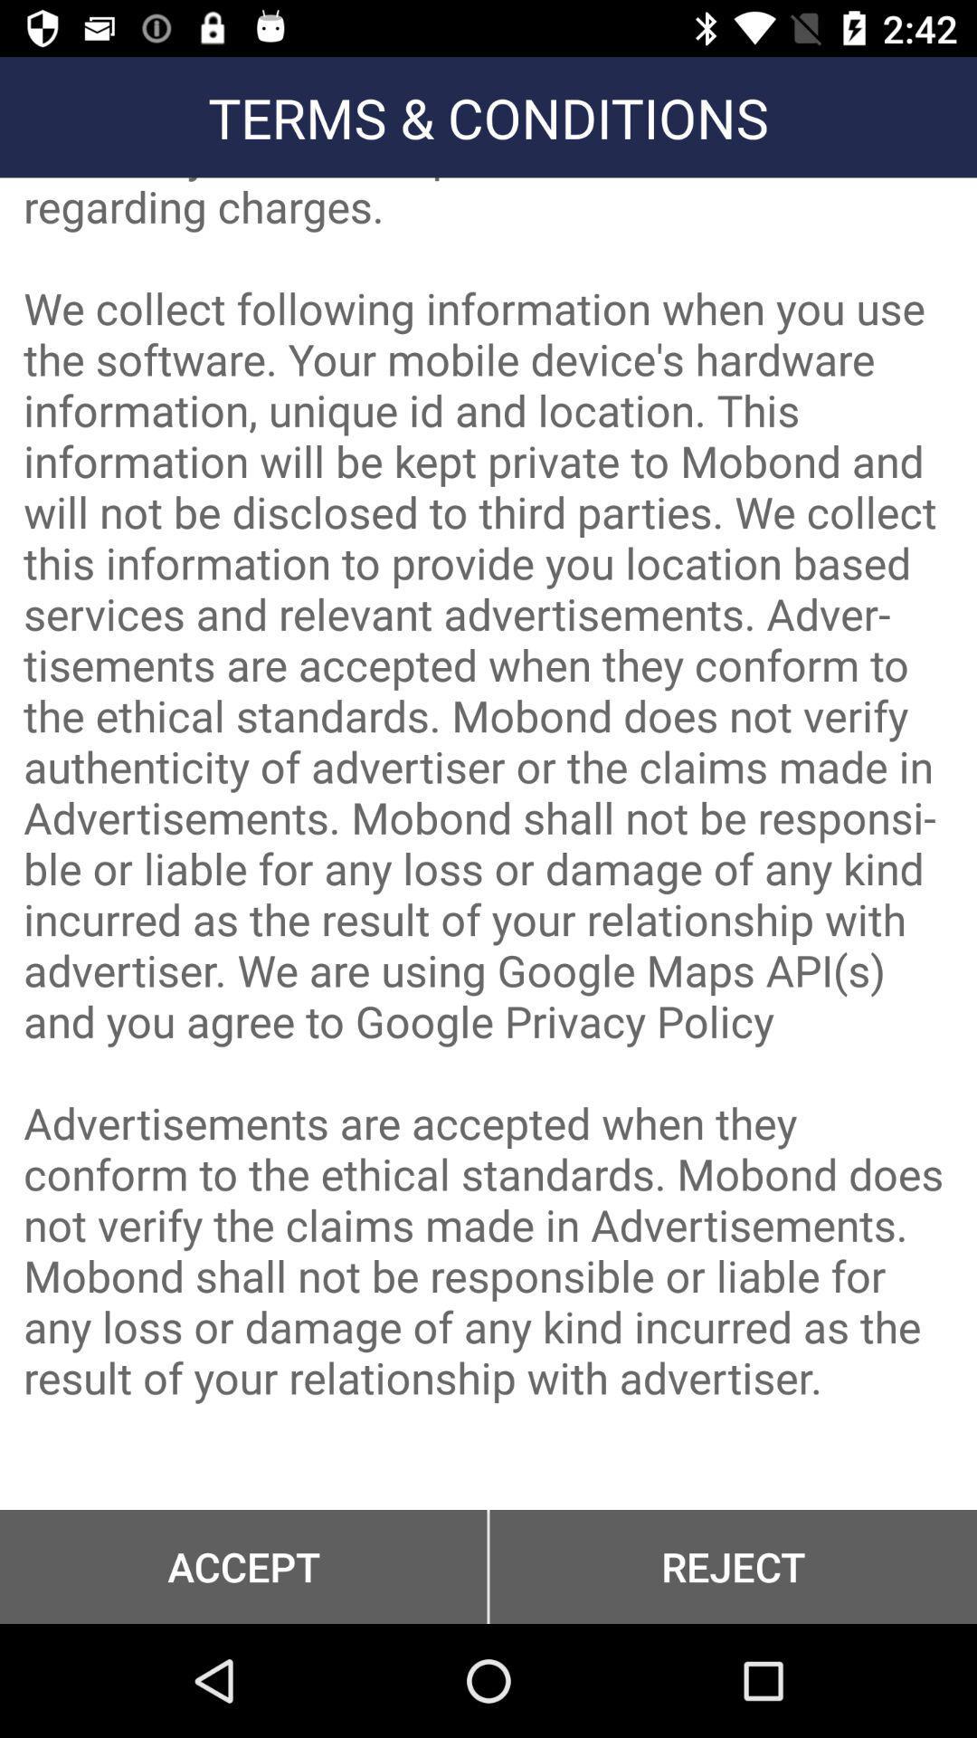  Describe the element at coordinates (242, 1566) in the screenshot. I see `button at the bottom left corner` at that location.